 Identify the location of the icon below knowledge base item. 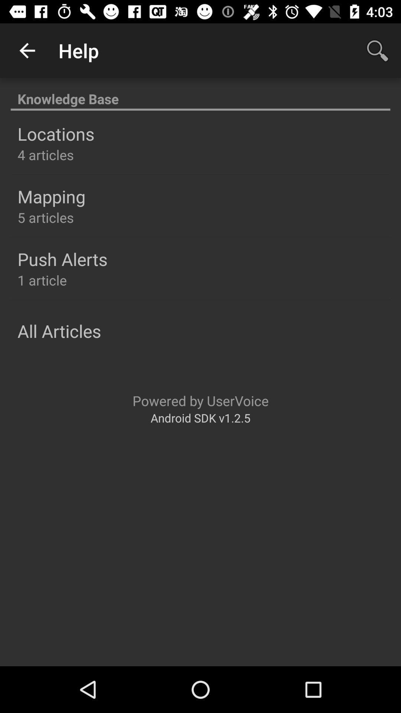
(55, 134).